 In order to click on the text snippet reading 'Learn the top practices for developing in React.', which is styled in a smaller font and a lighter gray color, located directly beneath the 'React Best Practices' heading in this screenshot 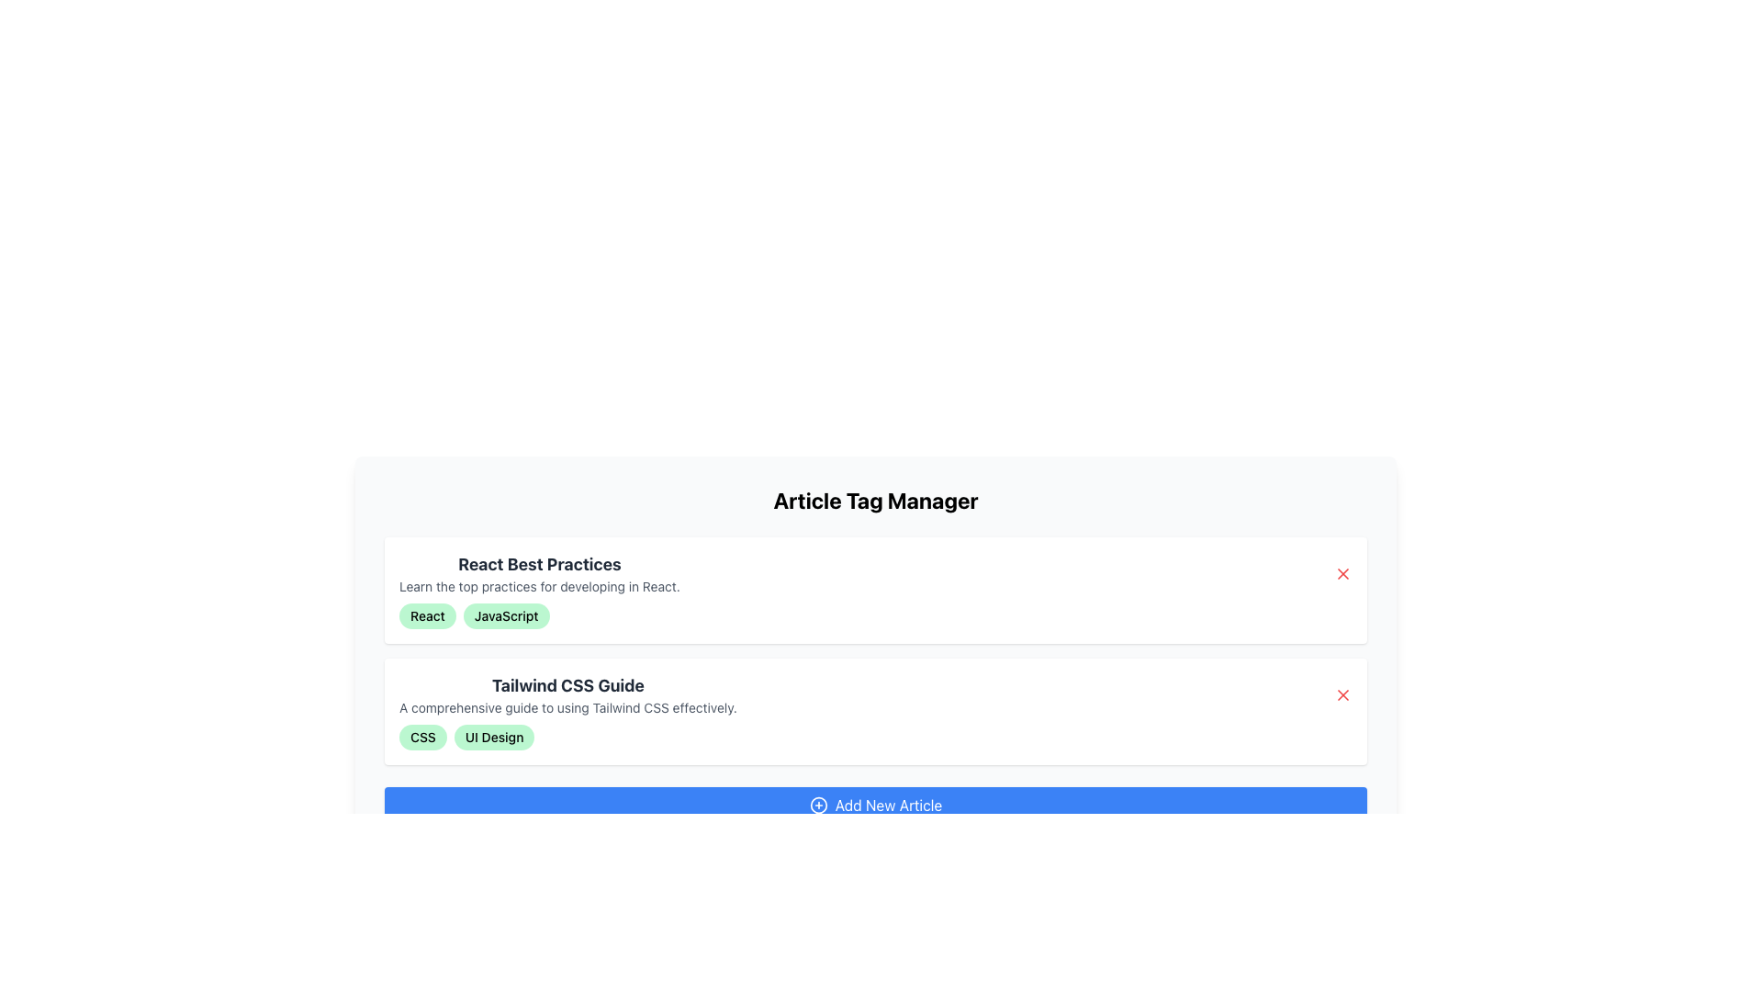, I will do `click(538, 587)`.